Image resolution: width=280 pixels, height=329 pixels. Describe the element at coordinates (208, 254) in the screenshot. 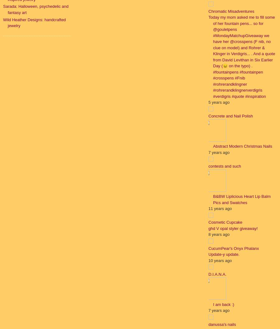

I see `'Update-y update.'` at that location.